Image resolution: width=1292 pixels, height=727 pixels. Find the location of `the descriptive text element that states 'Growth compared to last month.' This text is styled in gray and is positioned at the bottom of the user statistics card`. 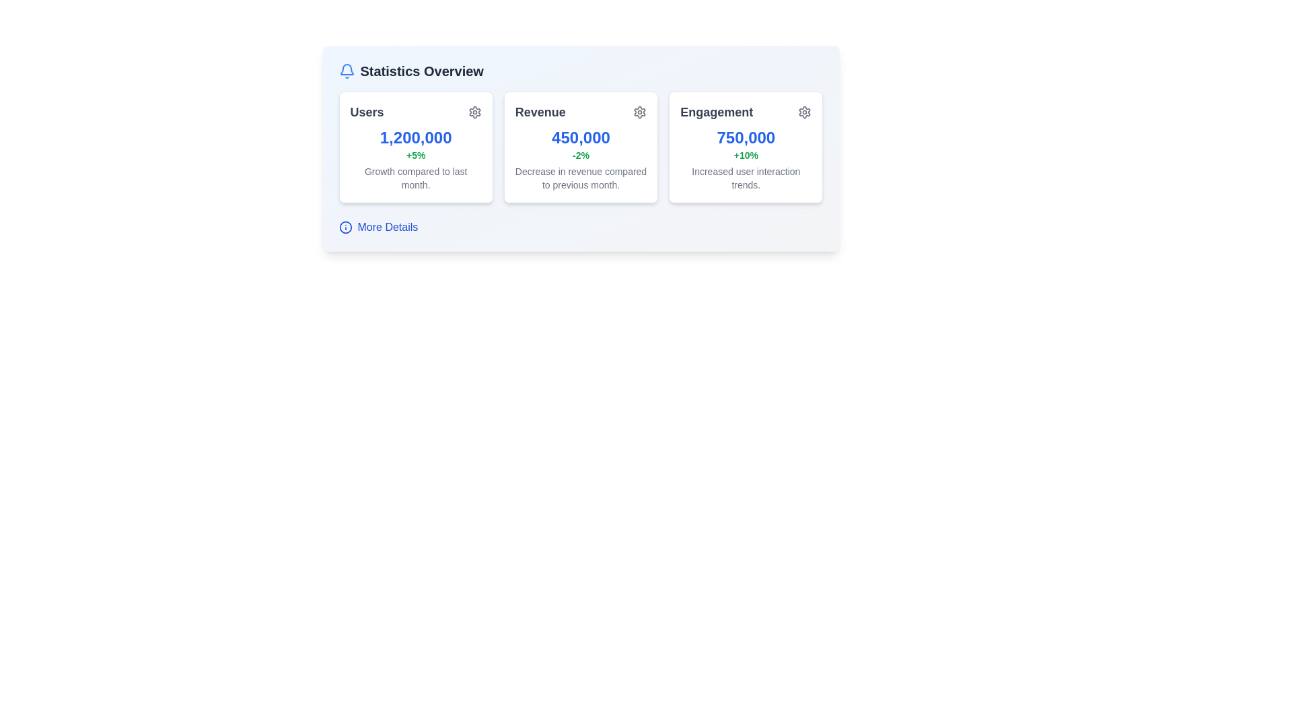

the descriptive text element that states 'Growth compared to last month.' This text is styled in gray and is positioned at the bottom of the user statistics card is located at coordinates (415, 178).